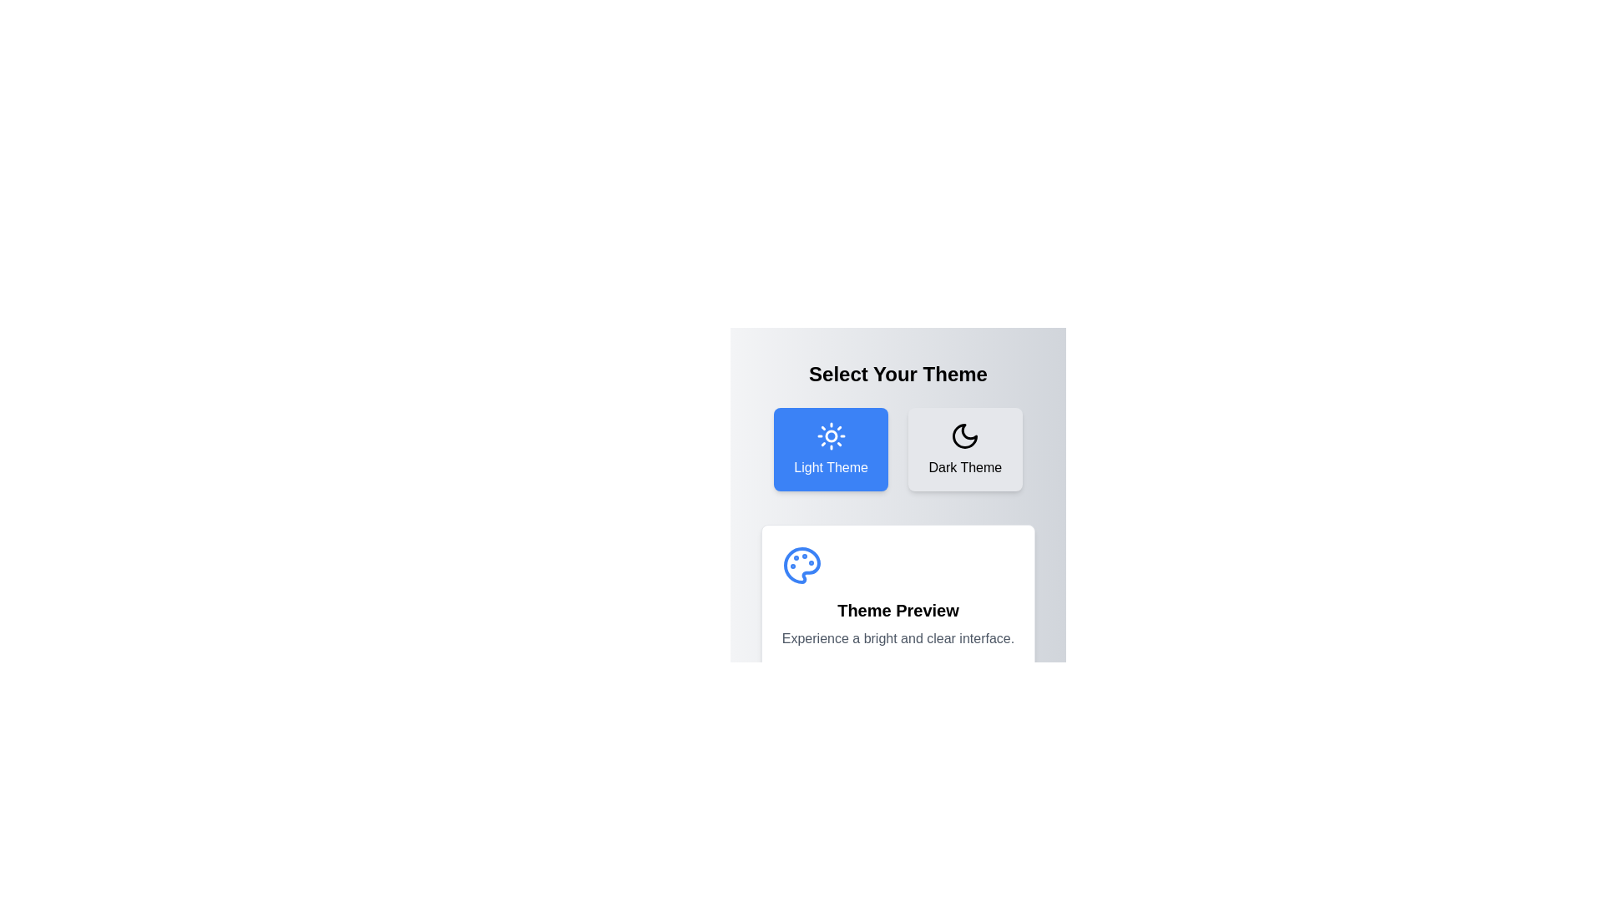  Describe the element at coordinates (831, 449) in the screenshot. I see `the button corresponding to the Light theme` at that location.